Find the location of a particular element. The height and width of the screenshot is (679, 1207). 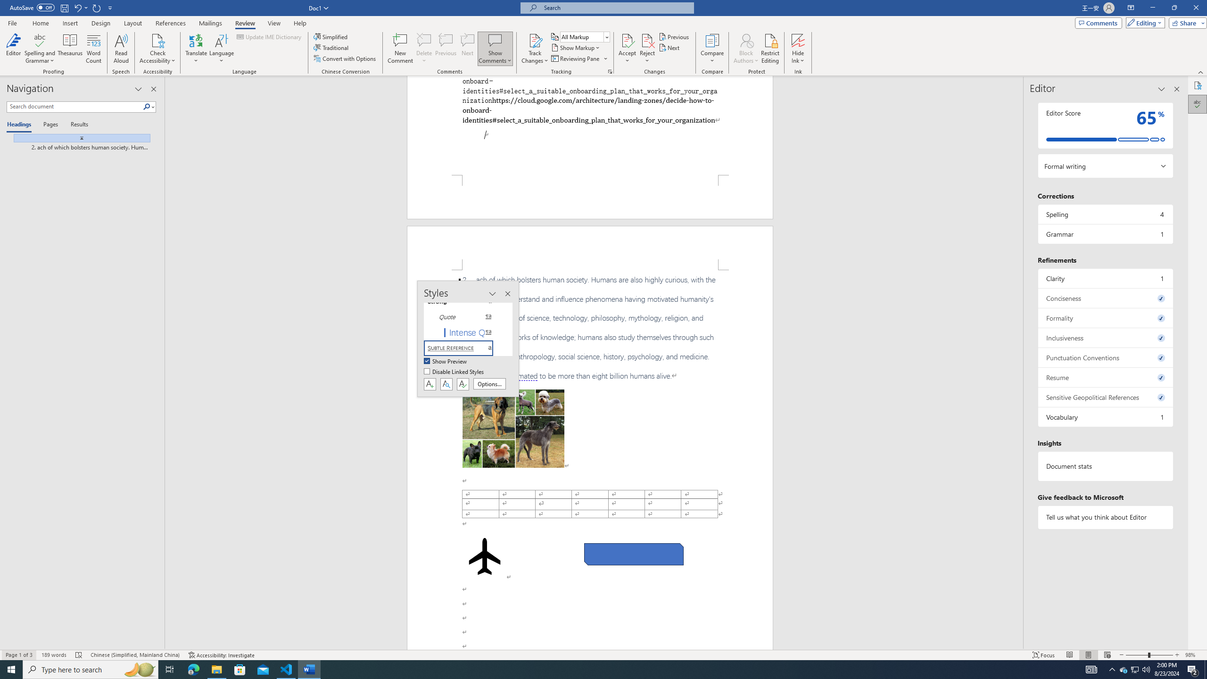

'Class: NetUIButton' is located at coordinates (463, 384).